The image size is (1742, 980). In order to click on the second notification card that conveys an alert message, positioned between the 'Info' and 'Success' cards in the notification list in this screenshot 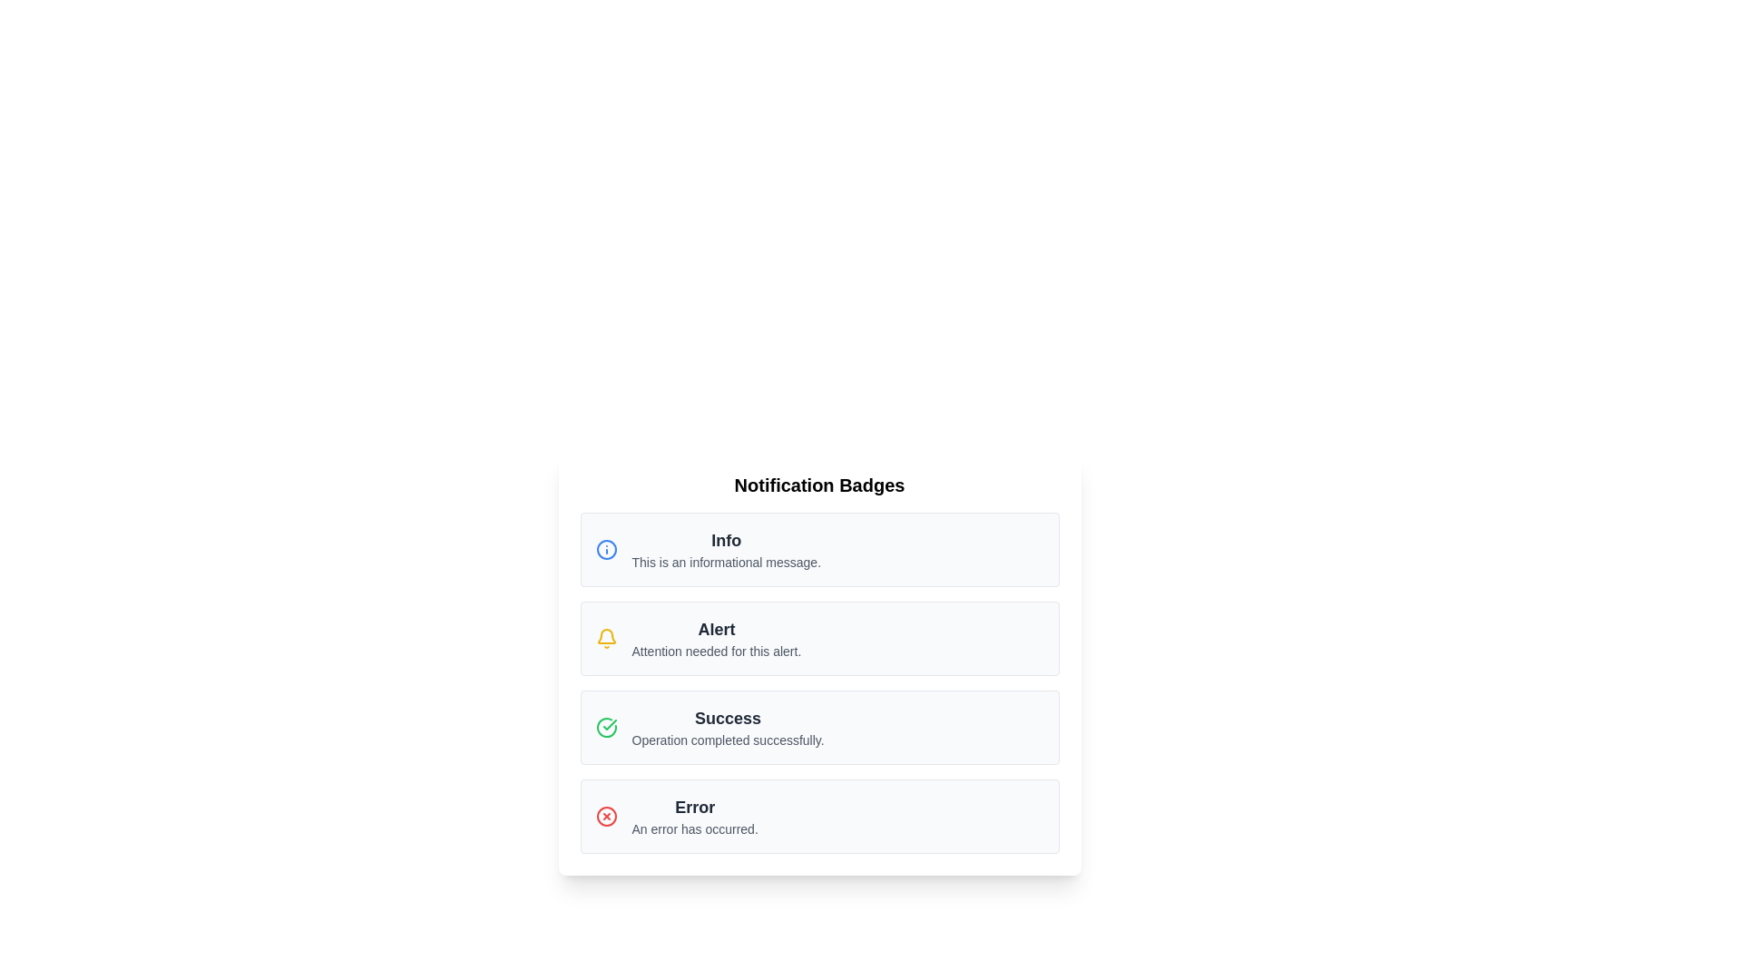, I will do `click(818, 638)`.